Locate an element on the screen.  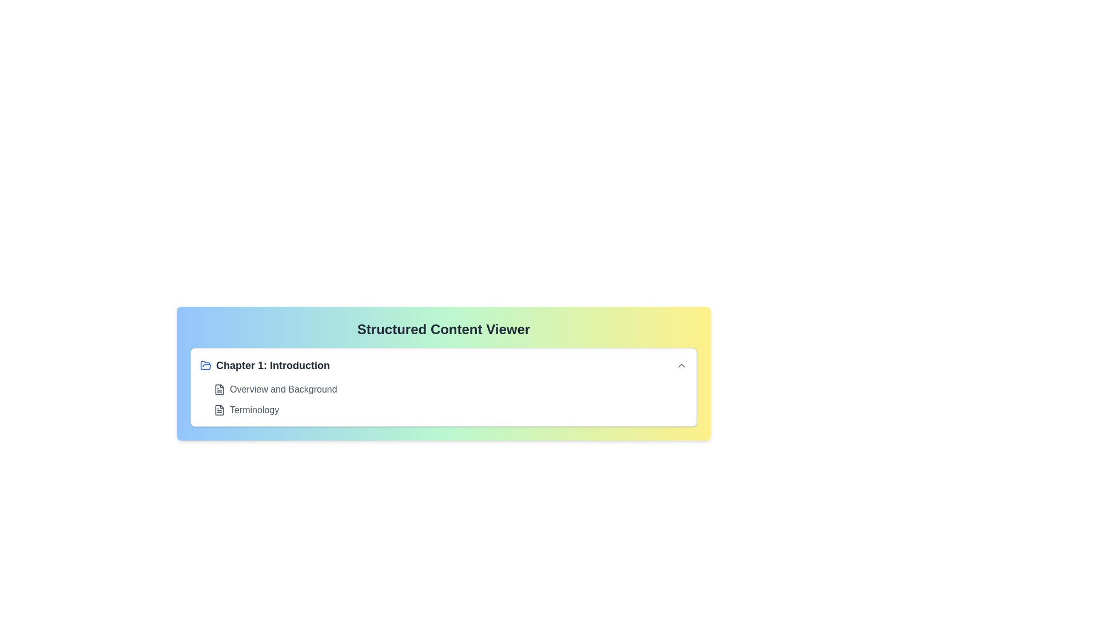
the light gray file or document icon located in the 'Chapter 1: Introduction' section, positioned to the left of the text 'Overview and Background' is located at coordinates (220, 389).